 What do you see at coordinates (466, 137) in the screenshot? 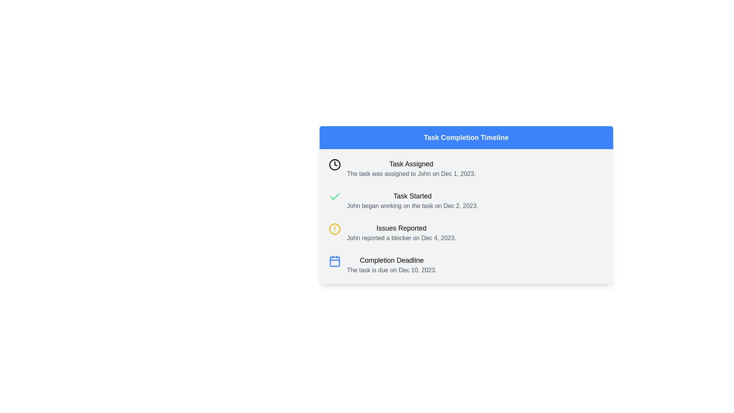
I see `the text label 'Task Completion Timeline' located in the blue header bar at the top of the section, which indicates the content and purpose of the section` at bounding box center [466, 137].